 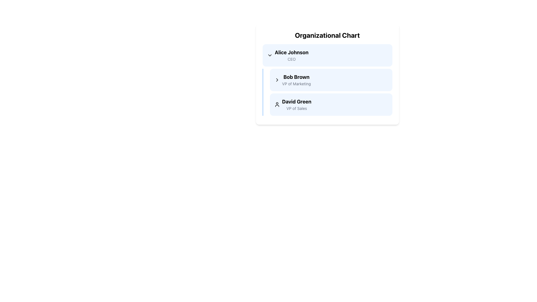 What do you see at coordinates (277, 80) in the screenshot?
I see `the right-facing chevron icon next to 'Bob Brown's' name in the organizational chart` at bounding box center [277, 80].